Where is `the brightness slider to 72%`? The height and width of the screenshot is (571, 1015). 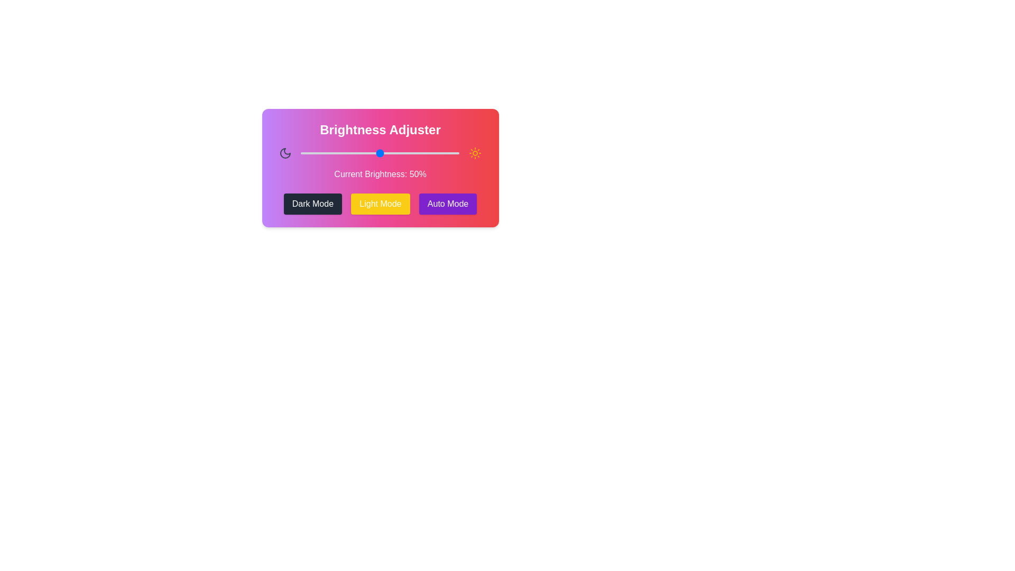 the brightness slider to 72% is located at coordinates (414, 153).